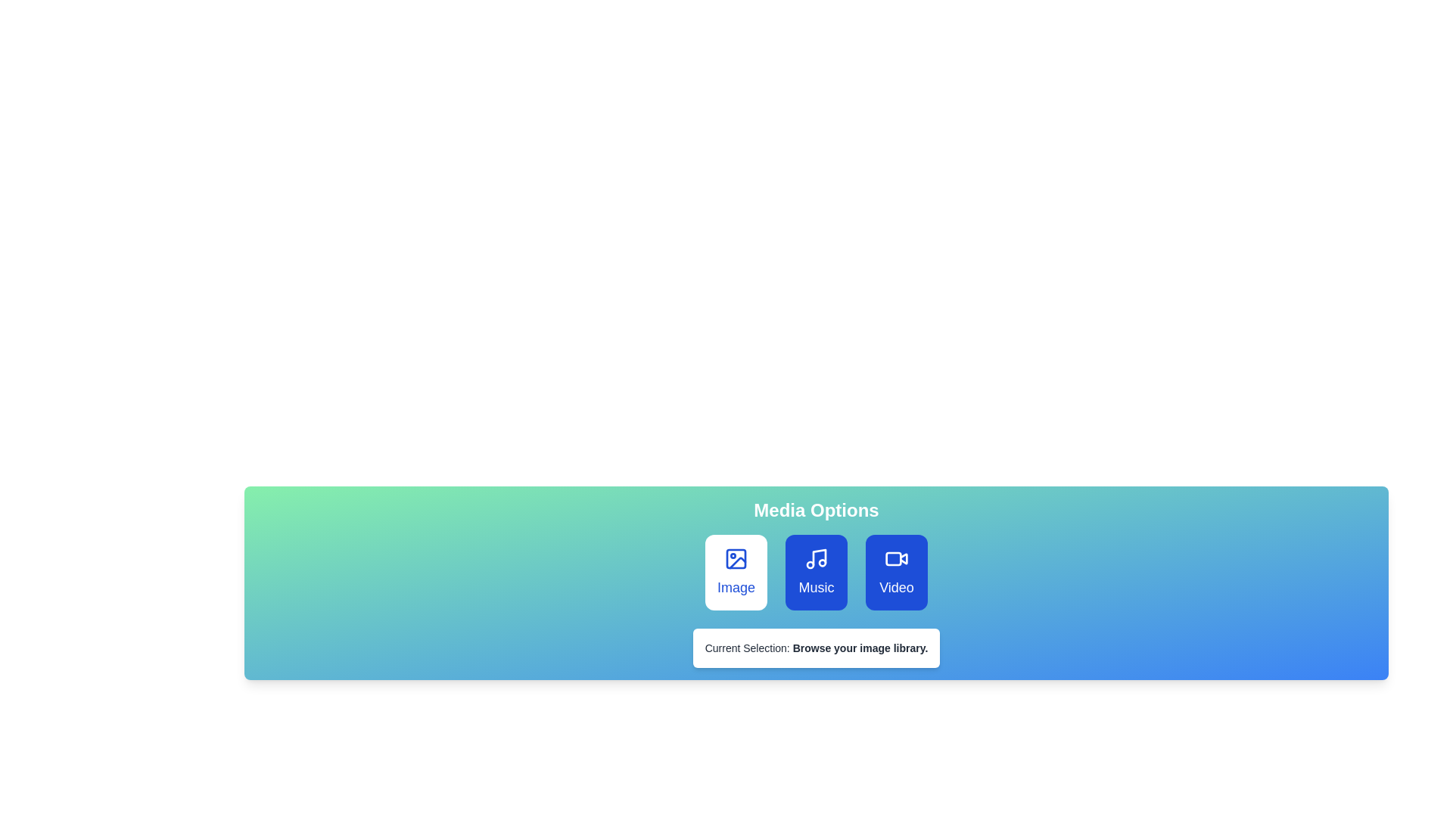 The height and width of the screenshot is (817, 1453). I want to click on the 'Music' button, which is the second button in a row of three options, so click(816, 572).